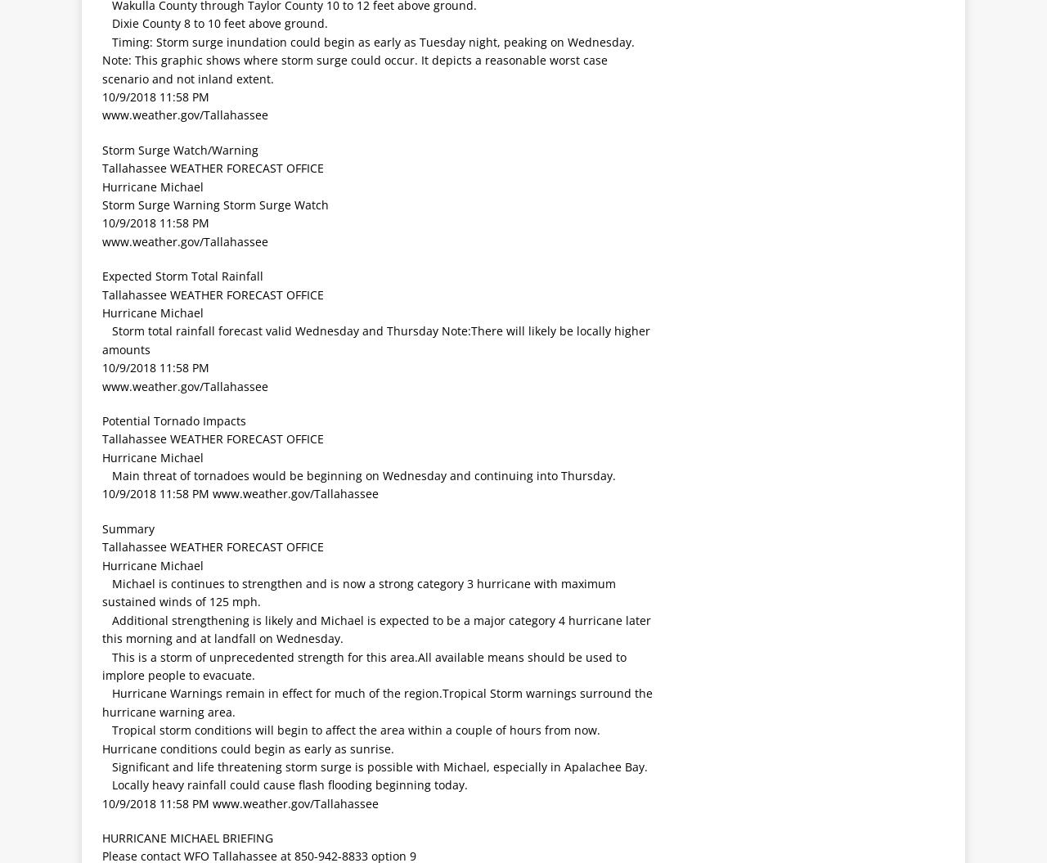 This screenshot has height=863, width=1047. I want to click on ' Storm total rainfall forecast valid Wednesday and Thursday Note:There will likely be locally higher amounts', so click(375, 339).